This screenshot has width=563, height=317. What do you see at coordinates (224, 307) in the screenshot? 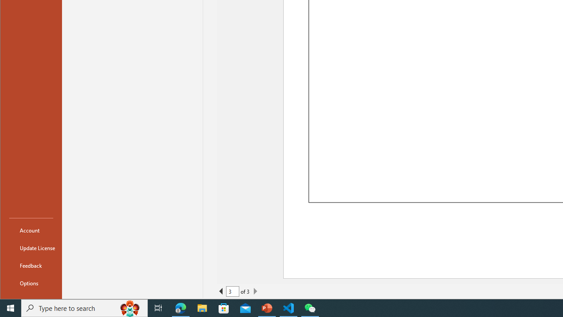
I see `'Microsoft Store'` at bounding box center [224, 307].